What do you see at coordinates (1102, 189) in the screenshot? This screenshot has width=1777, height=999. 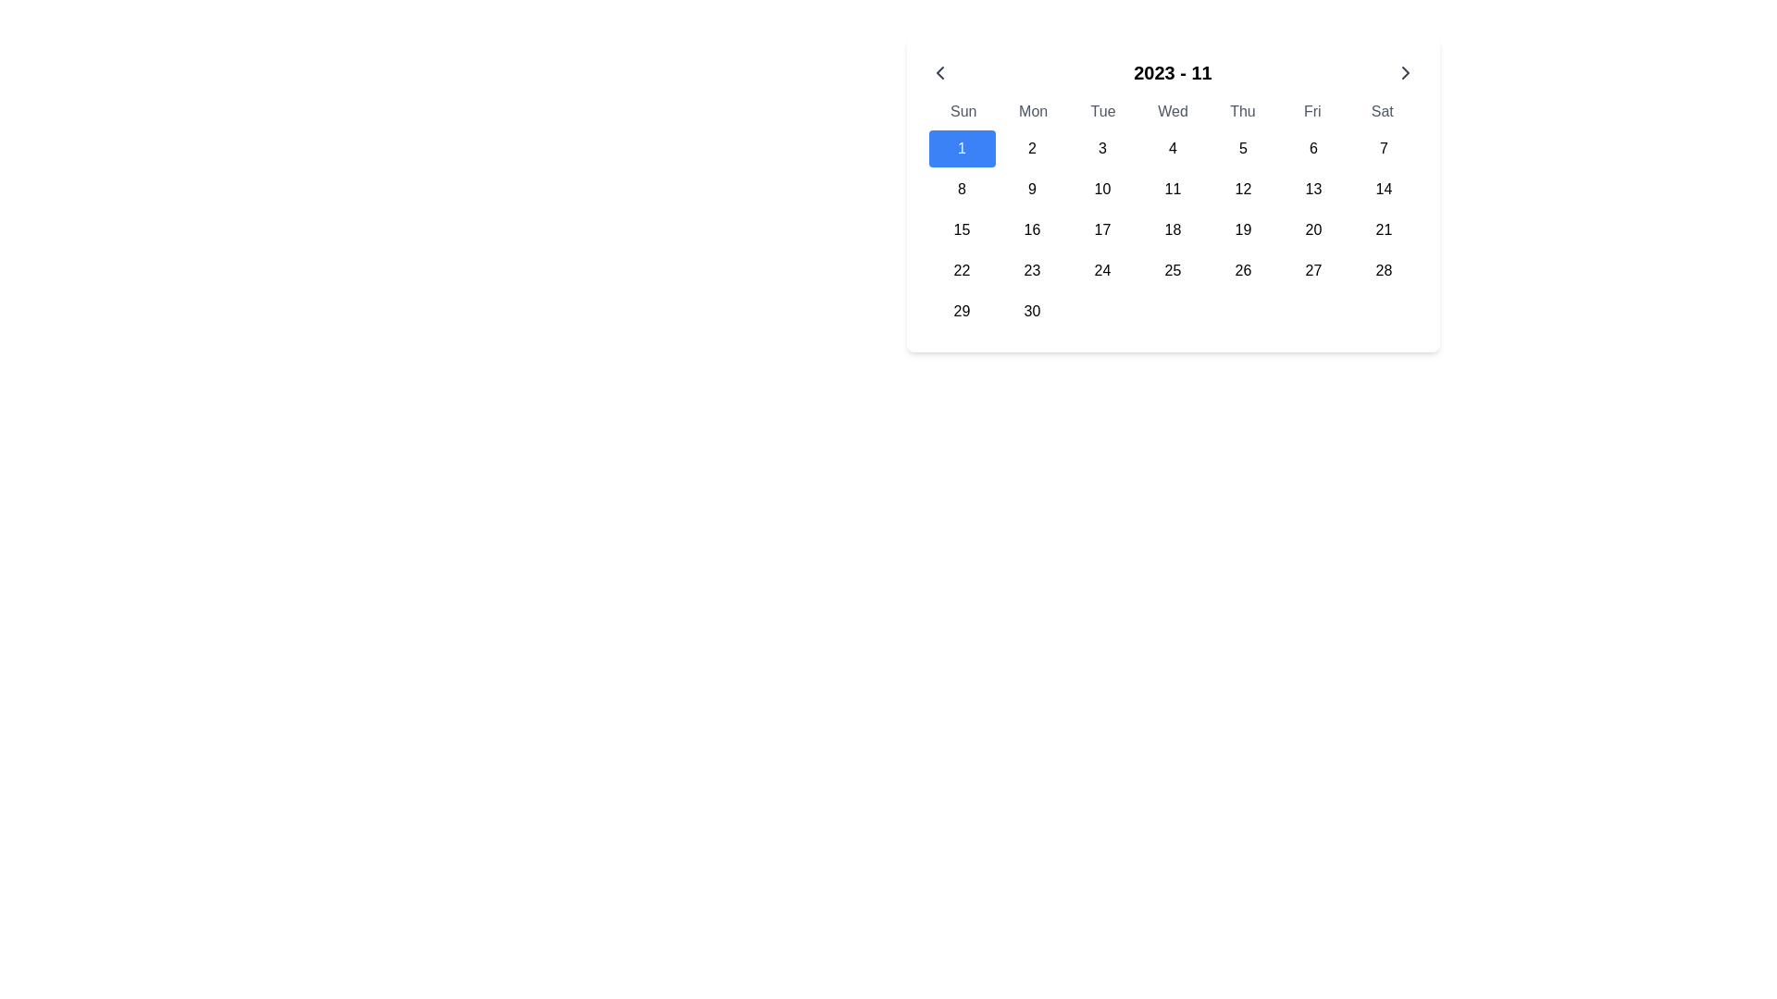 I see `the button representing the date '10' on the calendar interface` at bounding box center [1102, 189].